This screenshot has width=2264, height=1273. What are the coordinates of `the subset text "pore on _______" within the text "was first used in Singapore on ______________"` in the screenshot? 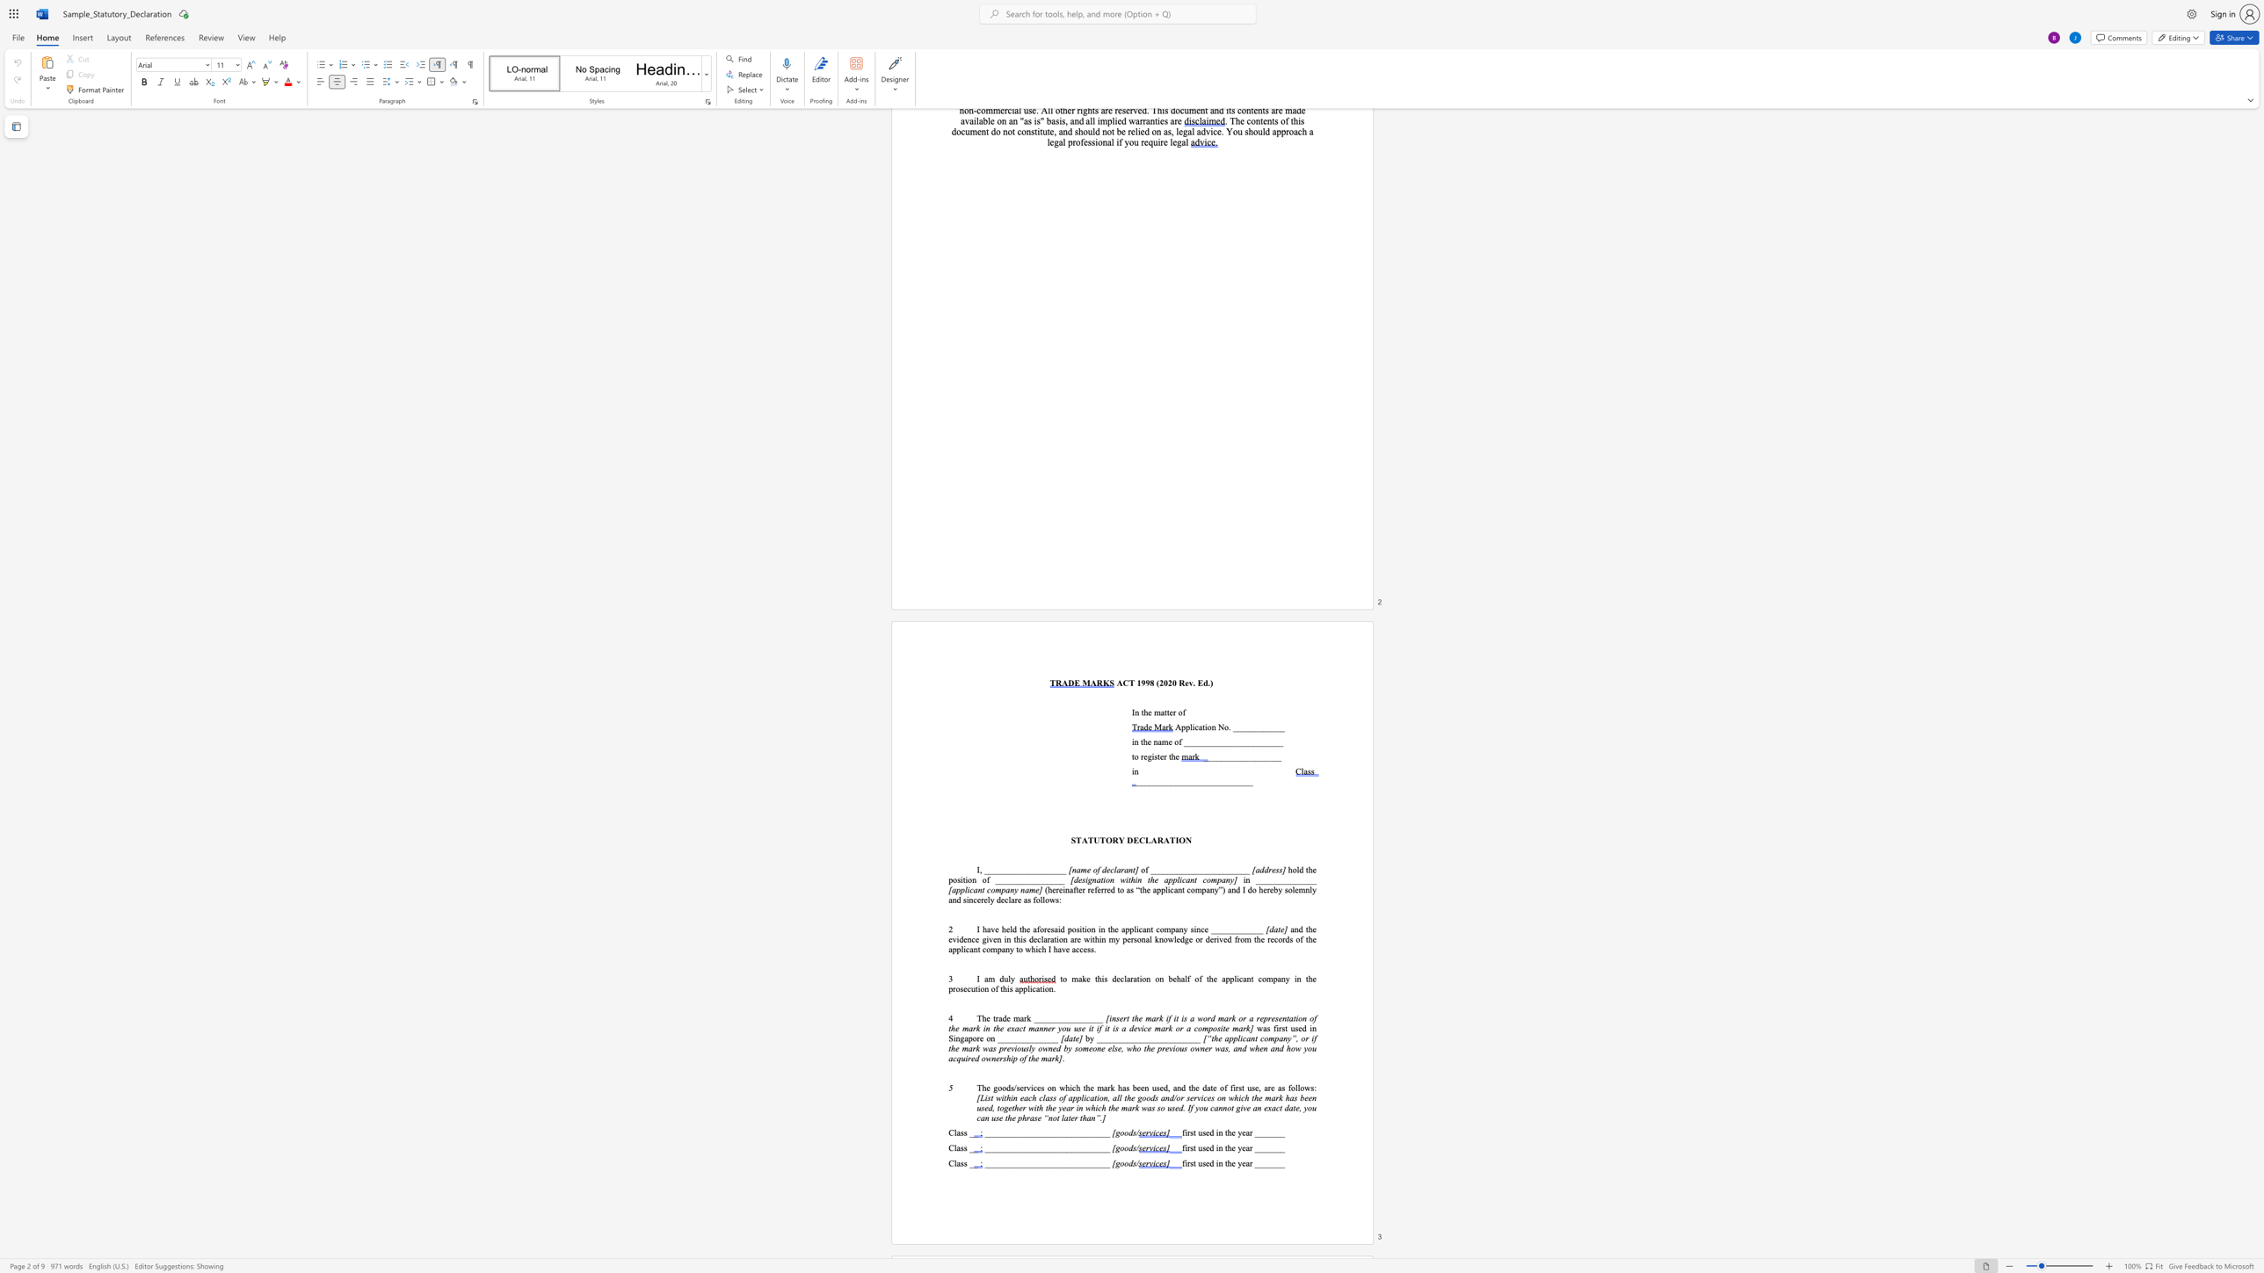 It's located at (969, 1038).